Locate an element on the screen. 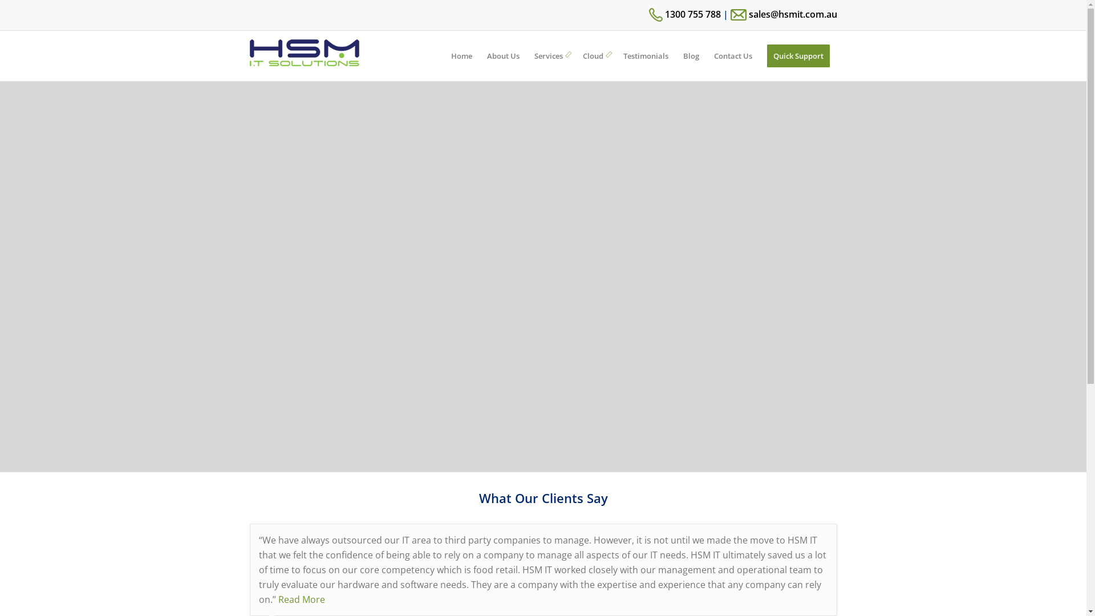 Image resolution: width=1095 pixels, height=616 pixels. 'Read More' is located at coordinates (278, 598).